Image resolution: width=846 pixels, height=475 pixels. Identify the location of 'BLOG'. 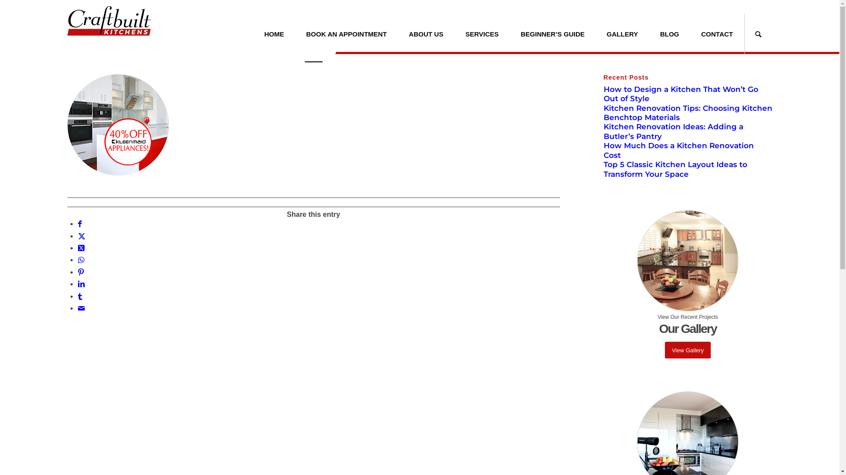
(669, 33).